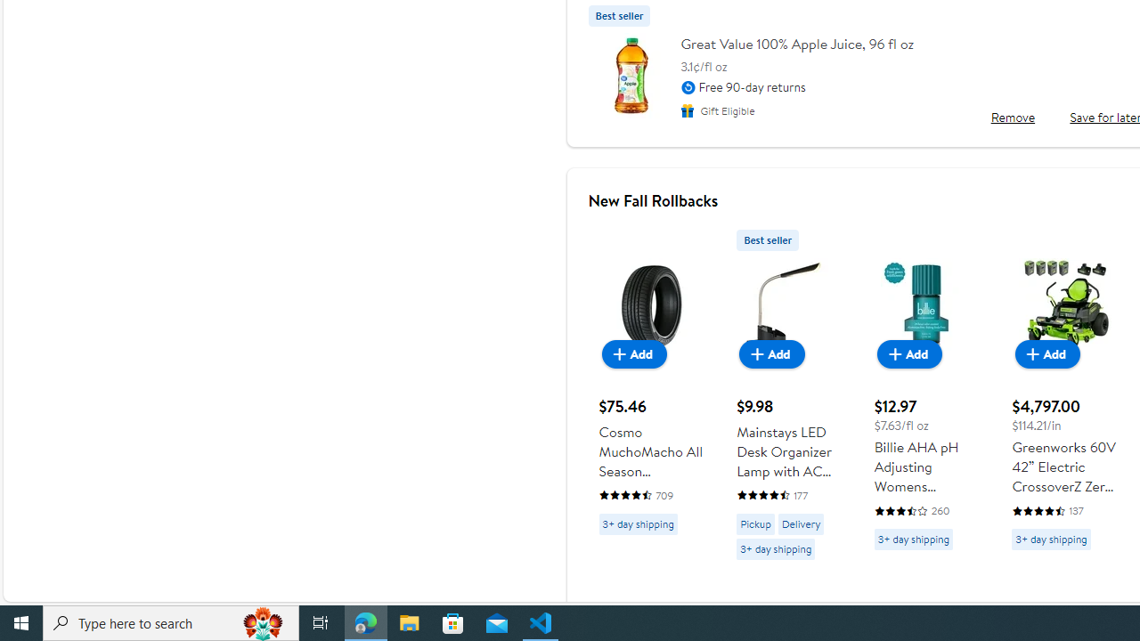 The height and width of the screenshot is (641, 1140). Describe the element at coordinates (1013, 117) in the screenshot. I see `'Remove Great Value 100% Apple Juice, 96 fl oz'` at that location.